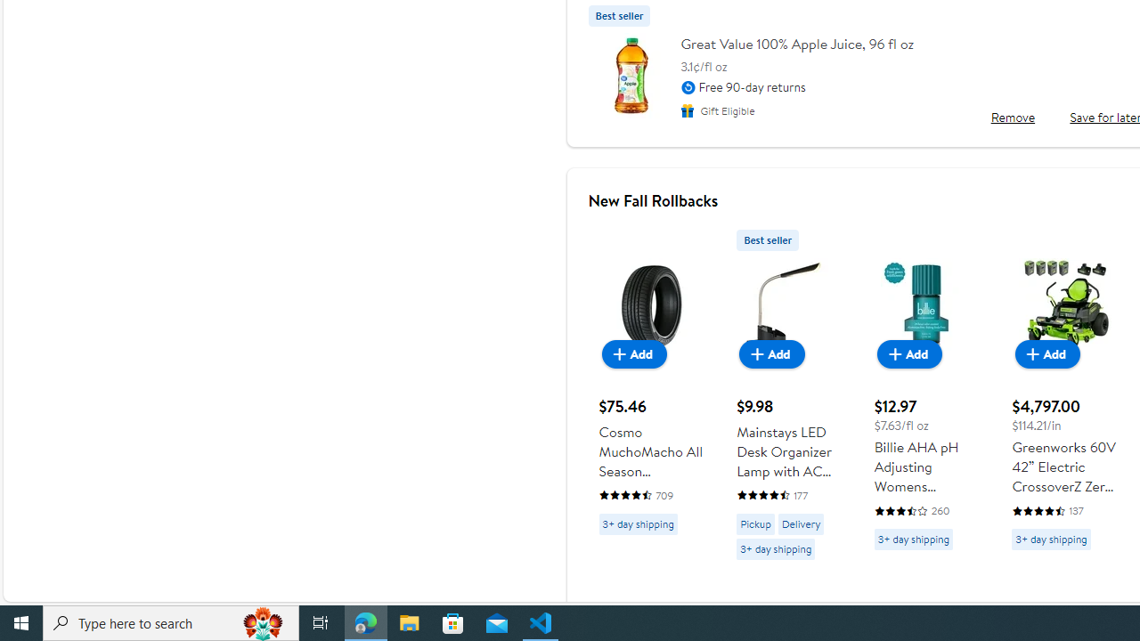 The height and width of the screenshot is (641, 1140). Describe the element at coordinates (1013, 117) in the screenshot. I see `'Remove Great Value 100% Apple Juice, 96 fl oz'` at that location.